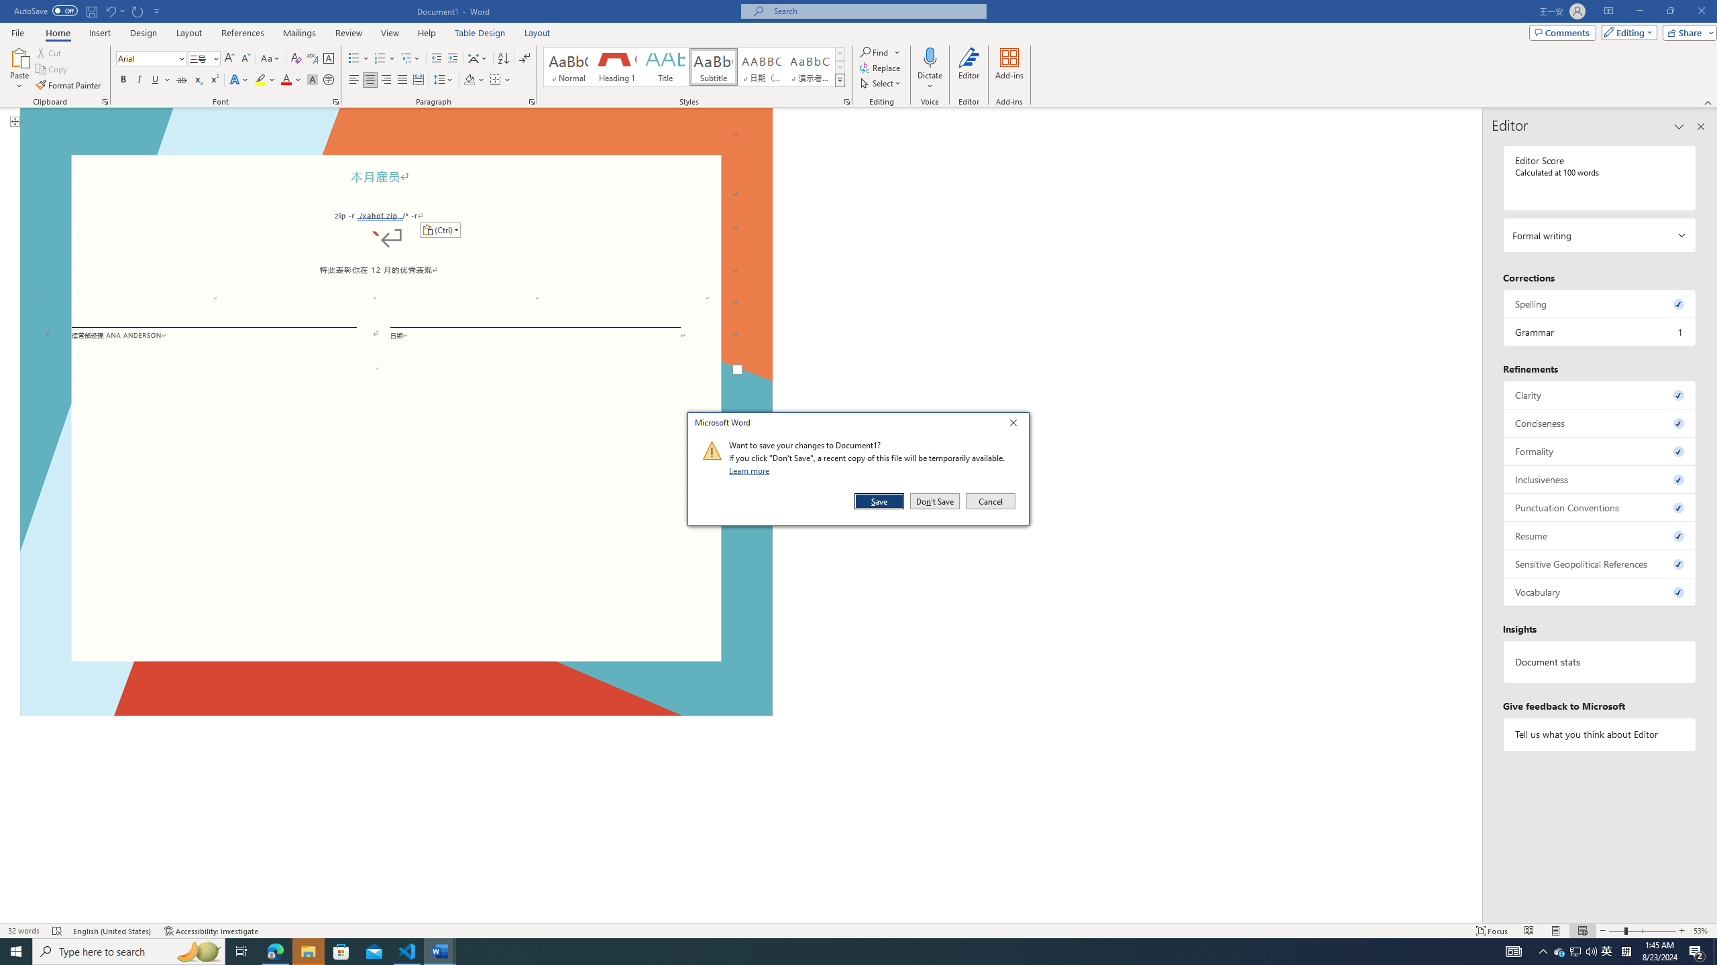  What do you see at coordinates (237, 79) in the screenshot?
I see `'Text Effects and Typography'` at bounding box center [237, 79].